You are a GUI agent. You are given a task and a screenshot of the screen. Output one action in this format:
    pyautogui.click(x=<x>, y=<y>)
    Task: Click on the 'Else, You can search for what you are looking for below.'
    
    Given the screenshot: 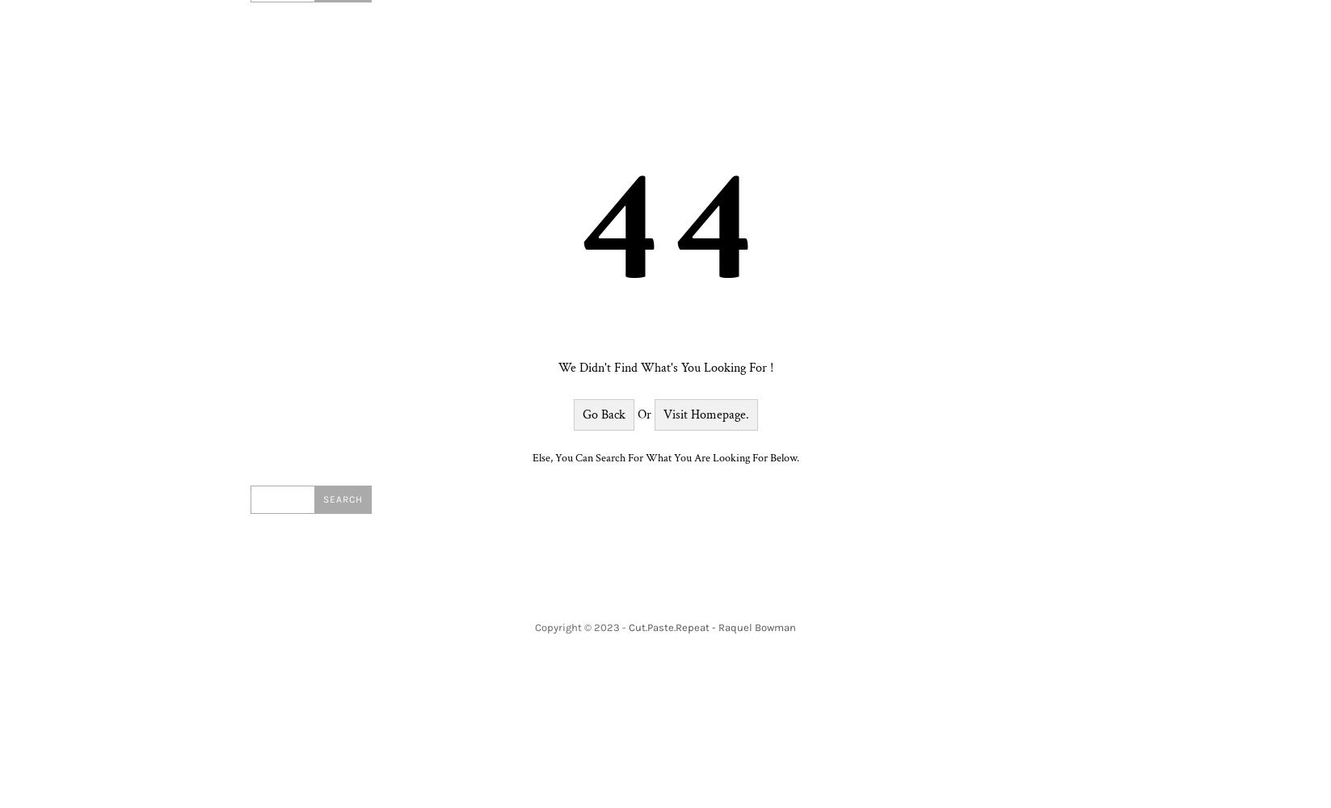 What is the action you would take?
    pyautogui.click(x=665, y=457)
    